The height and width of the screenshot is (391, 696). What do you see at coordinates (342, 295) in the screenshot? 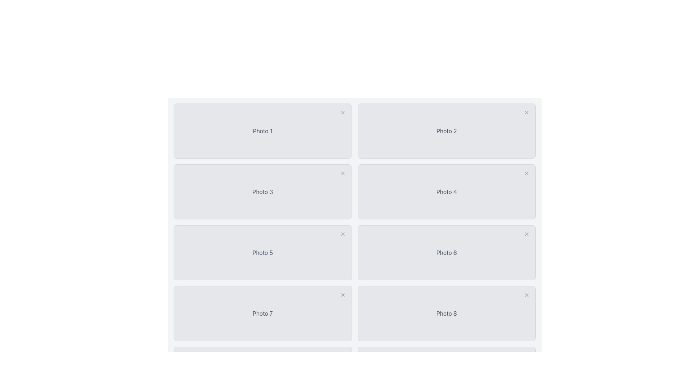
I see `the 'X' icon button located at the upper-right corner of the 'Photo 7' component` at bounding box center [342, 295].